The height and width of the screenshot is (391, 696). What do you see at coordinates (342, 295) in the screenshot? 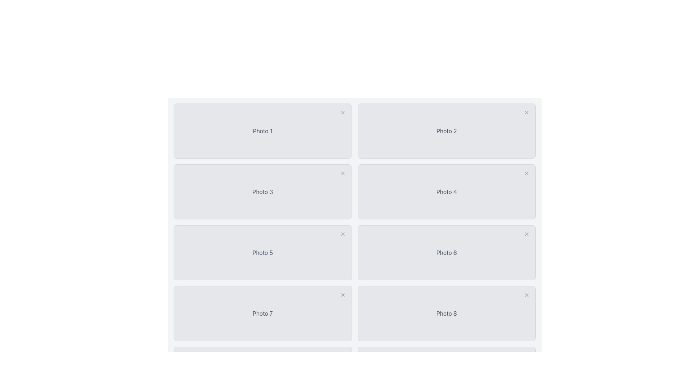
I see `the 'X' icon button located at the upper-right corner of the 'Photo 7' component` at bounding box center [342, 295].